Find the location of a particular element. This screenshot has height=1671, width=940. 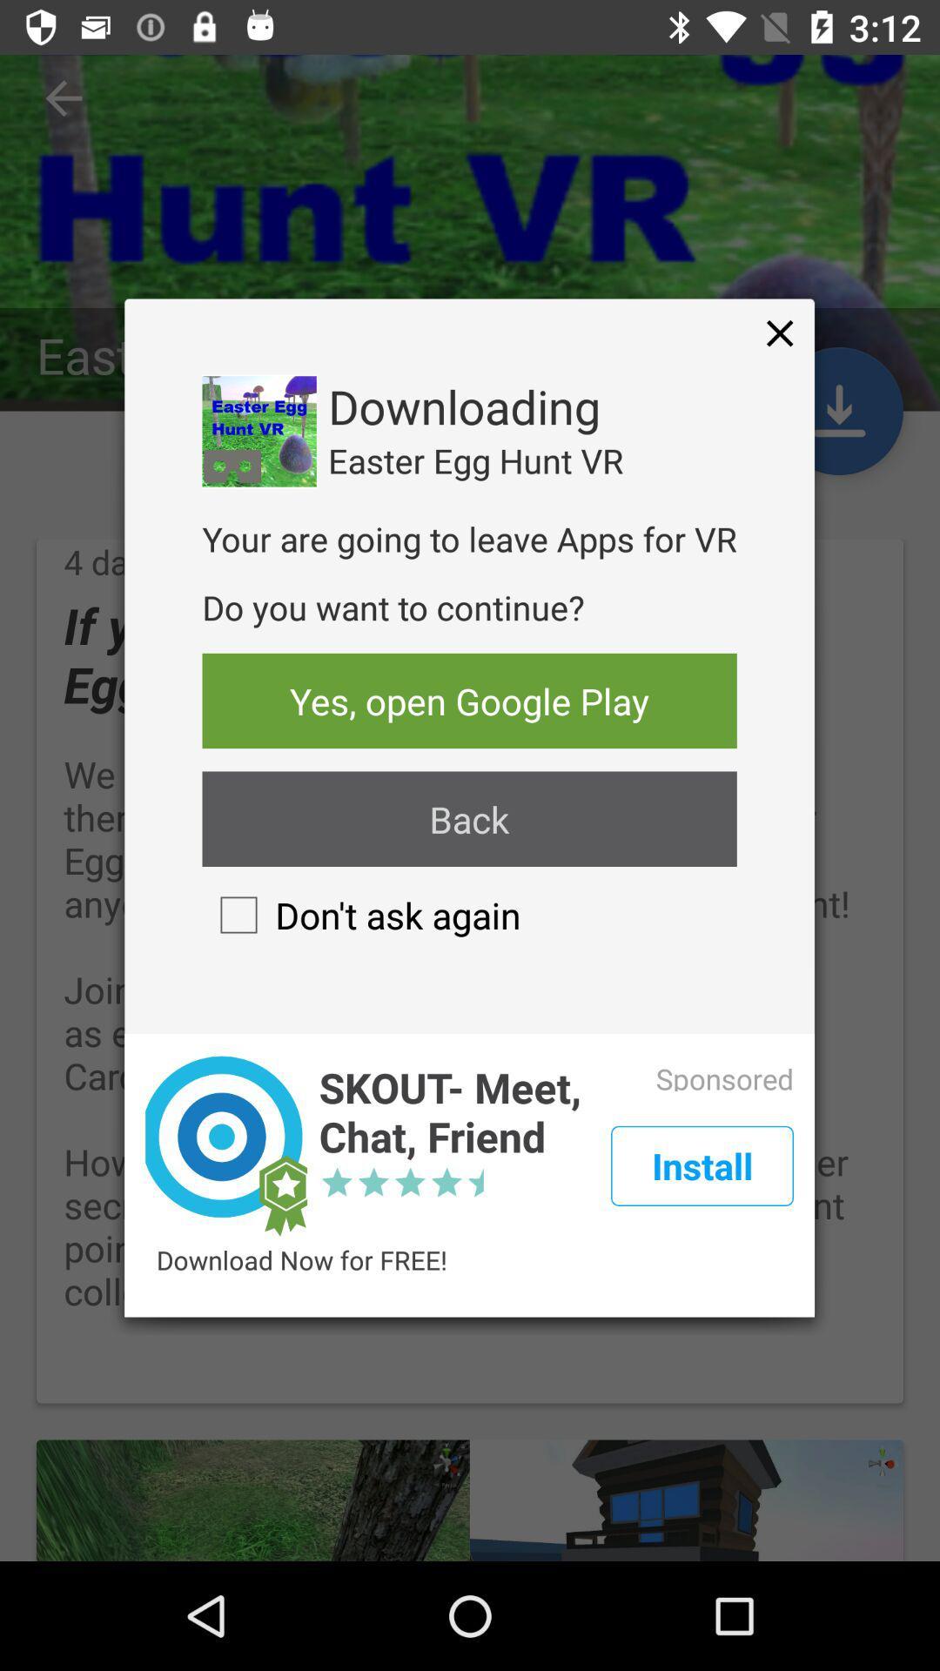

the don t ask icon is located at coordinates (360, 914).